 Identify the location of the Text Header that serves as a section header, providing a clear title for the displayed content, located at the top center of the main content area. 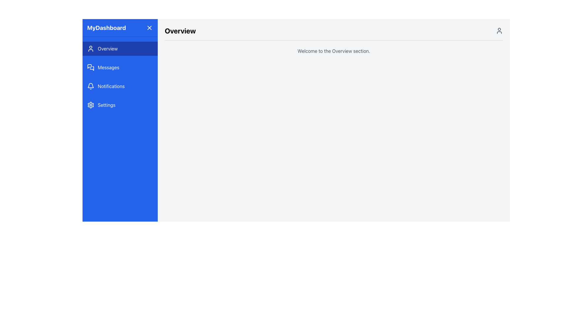
(180, 31).